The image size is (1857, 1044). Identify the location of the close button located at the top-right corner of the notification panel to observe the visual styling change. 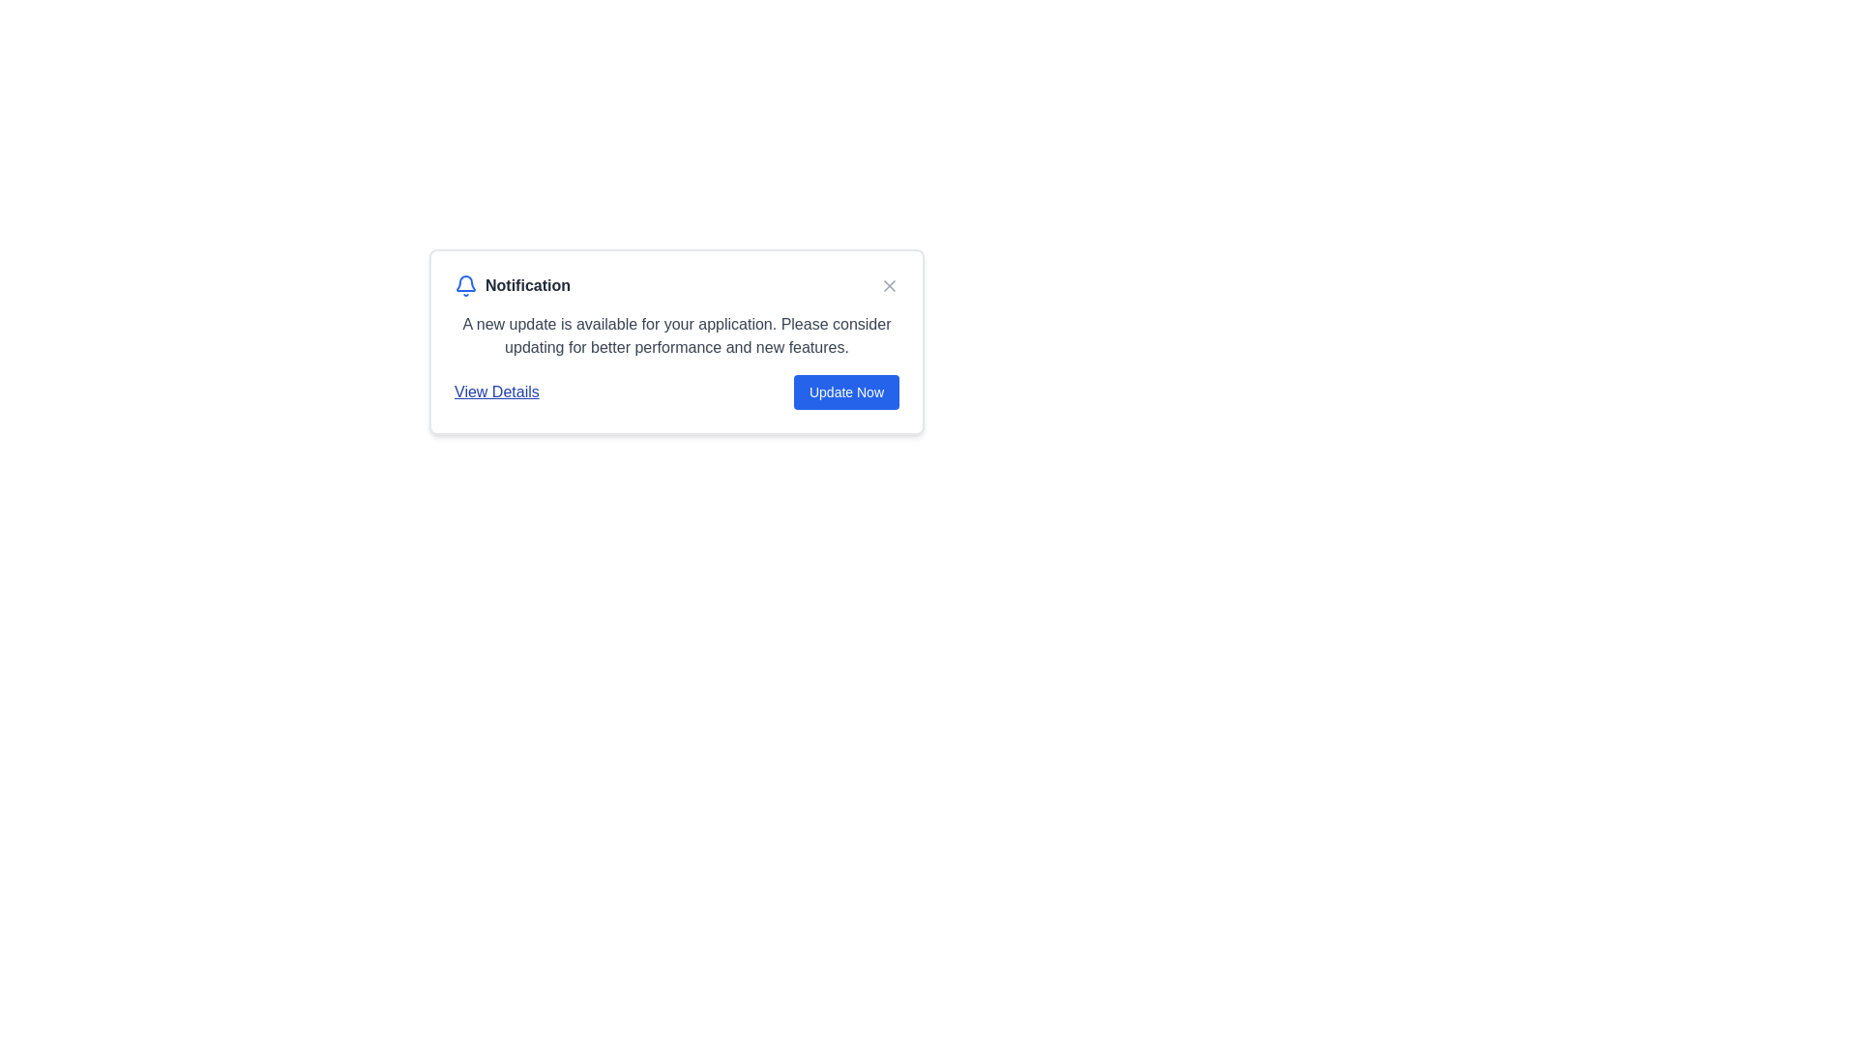
(889, 286).